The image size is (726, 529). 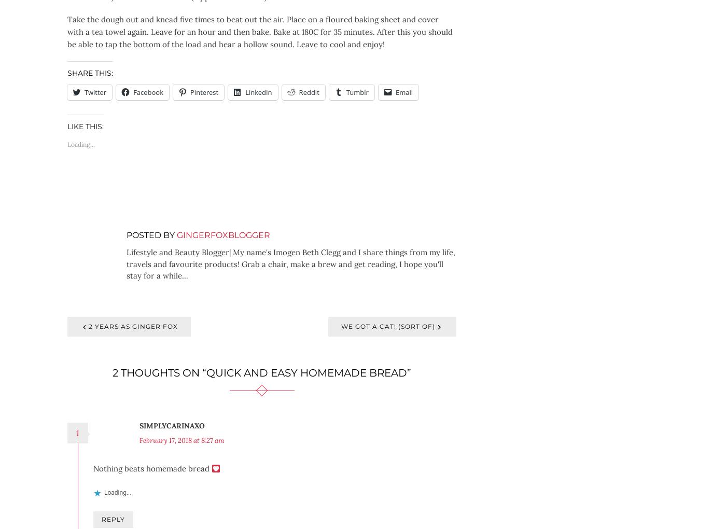 I want to click on 'Twitter', so click(x=95, y=91).